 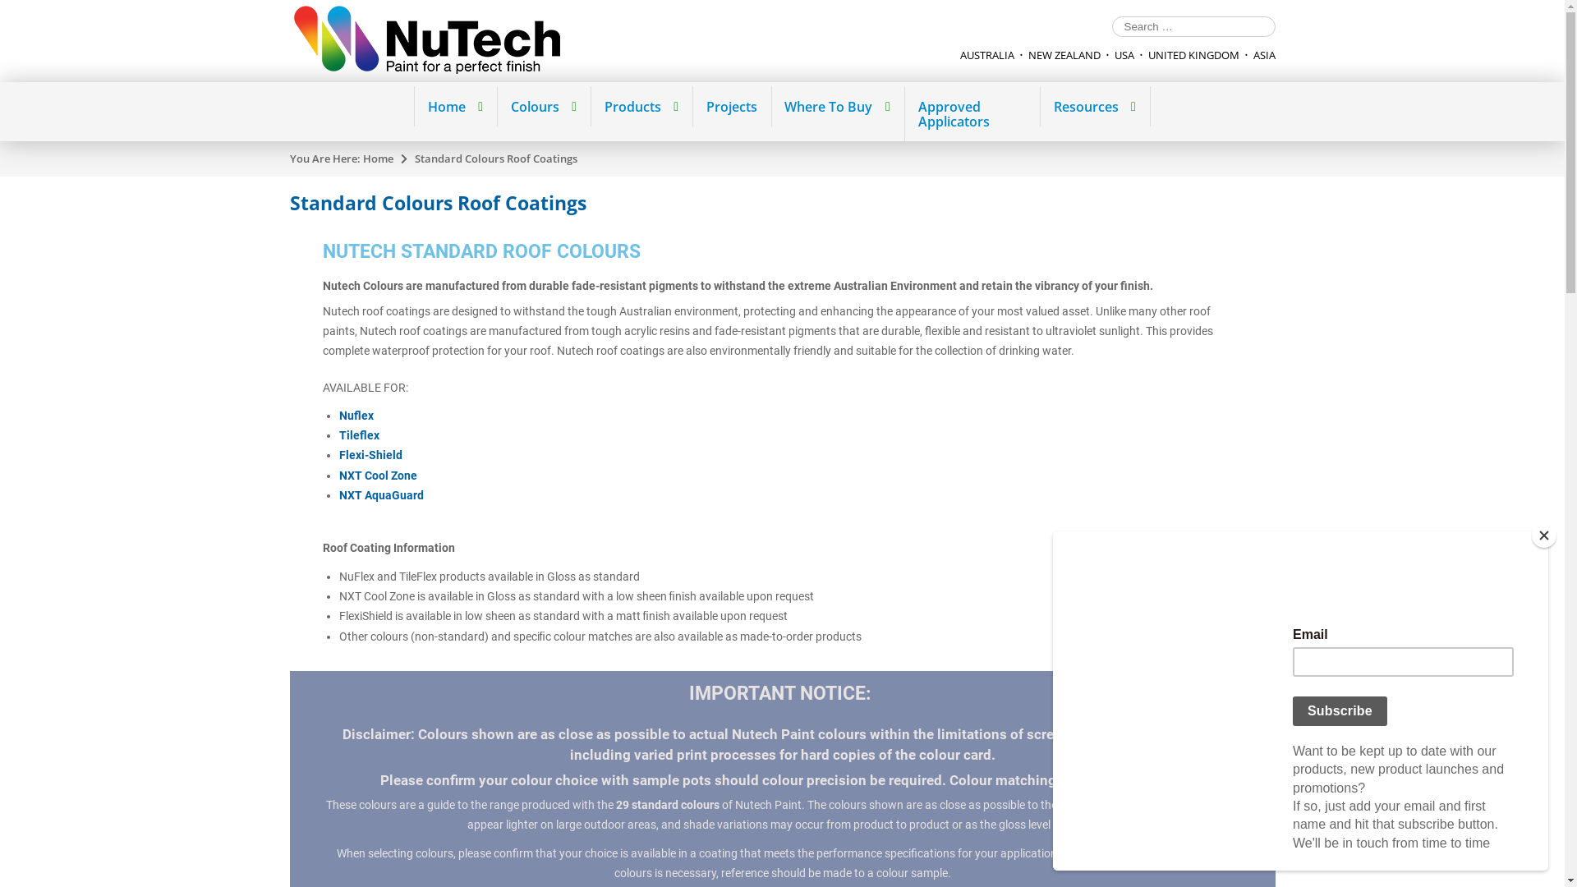 I want to click on 'Projects', so click(x=730, y=106).